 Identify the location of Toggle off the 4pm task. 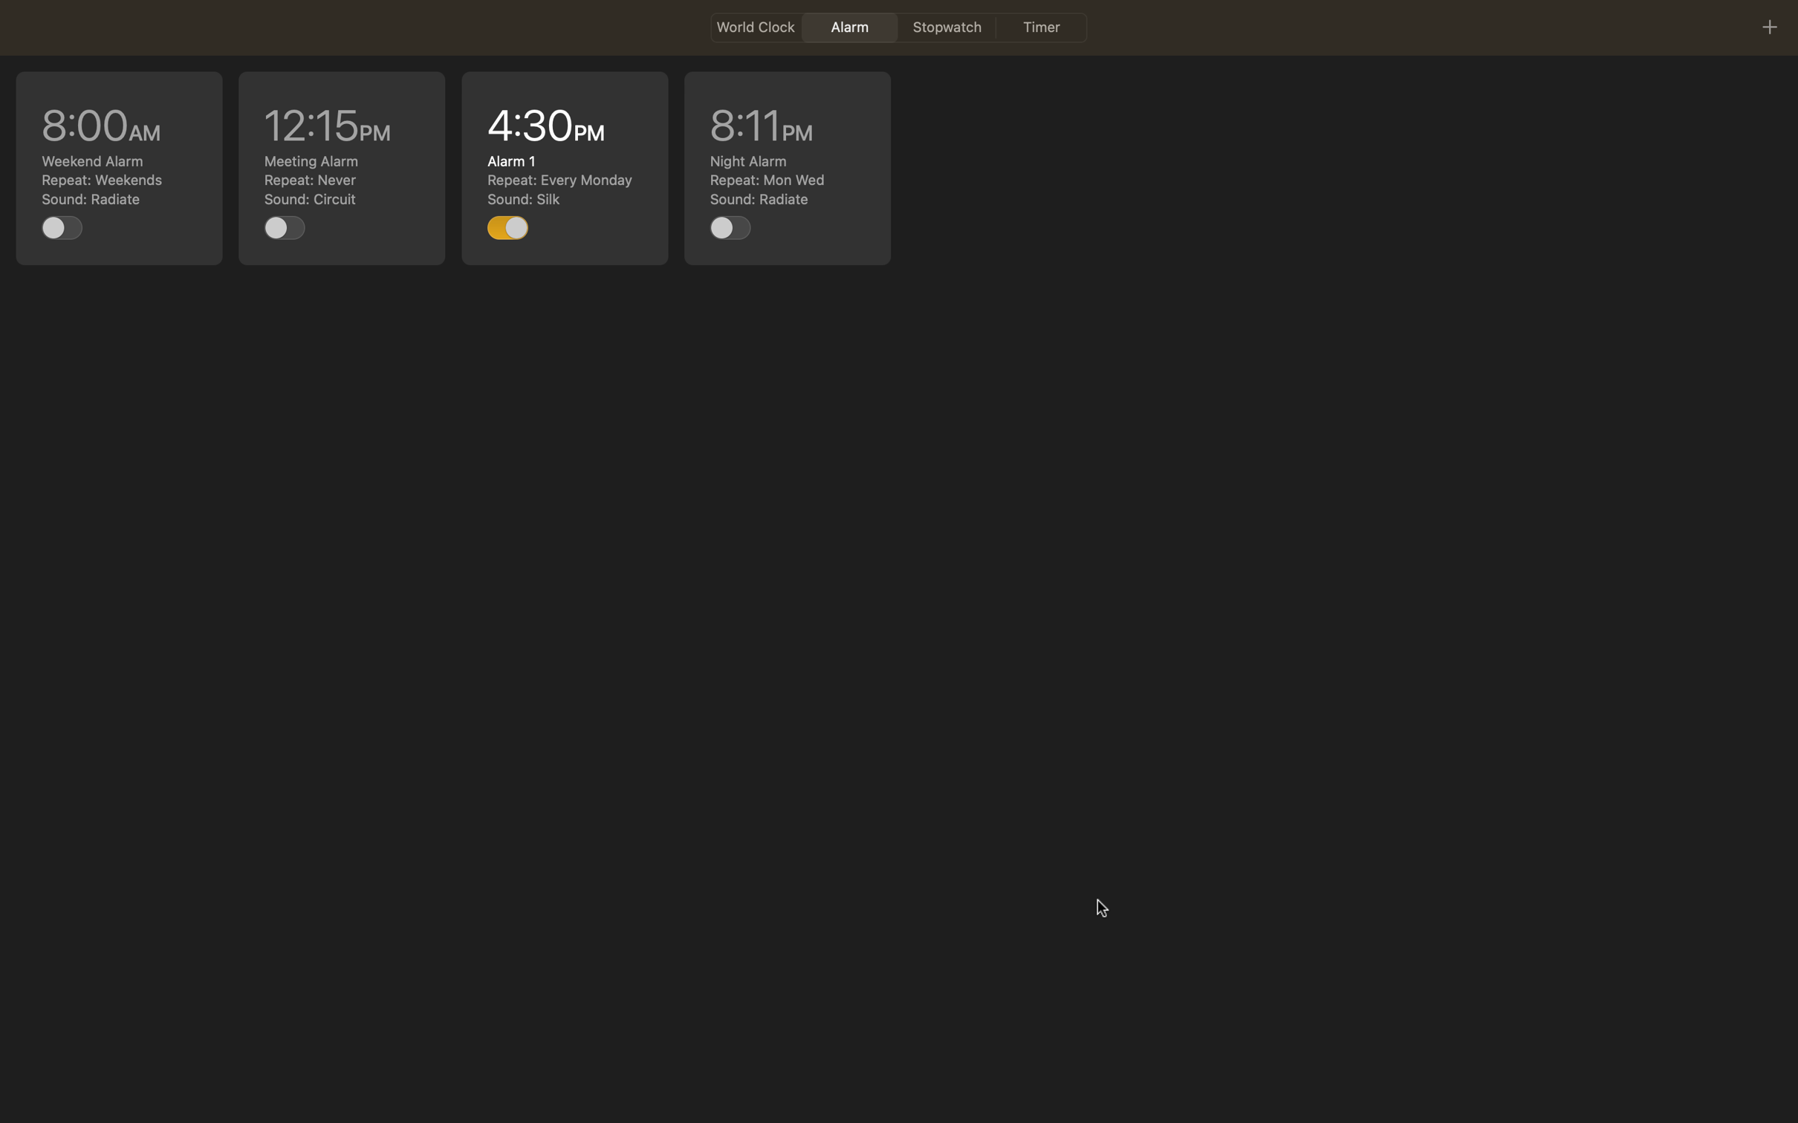
(508, 225).